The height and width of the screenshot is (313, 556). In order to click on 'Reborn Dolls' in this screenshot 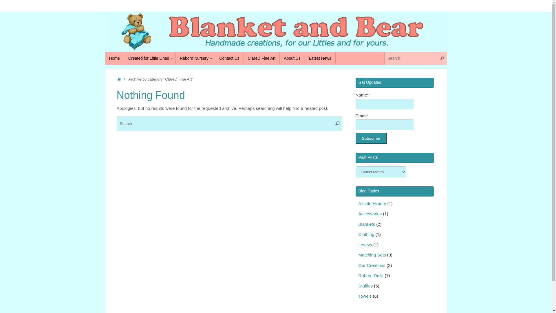, I will do `click(358, 275)`.